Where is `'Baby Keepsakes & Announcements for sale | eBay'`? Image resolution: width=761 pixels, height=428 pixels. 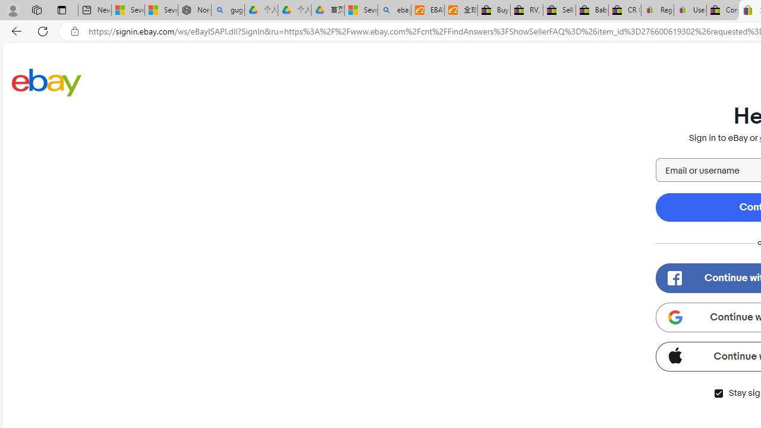
'Baby Keepsakes & Announcements for sale | eBay' is located at coordinates (592, 10).